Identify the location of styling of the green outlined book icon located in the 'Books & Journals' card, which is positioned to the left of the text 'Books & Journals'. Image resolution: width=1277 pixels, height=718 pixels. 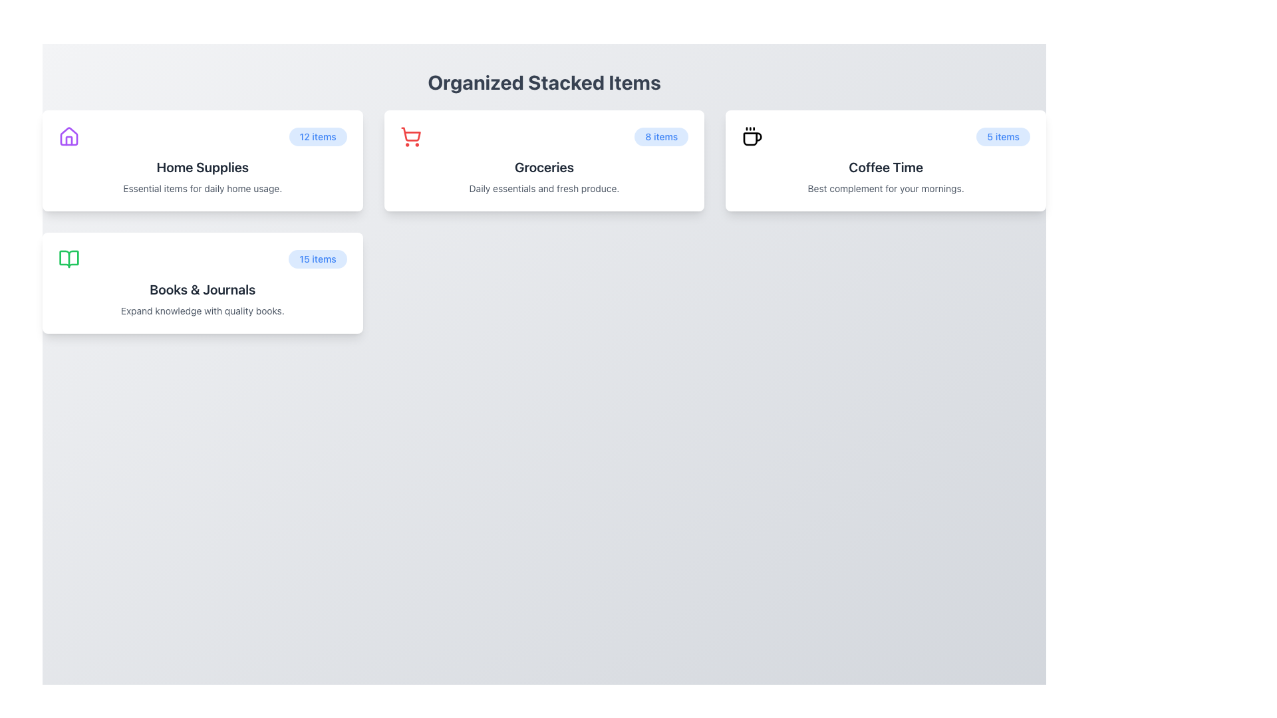
(69, 259).